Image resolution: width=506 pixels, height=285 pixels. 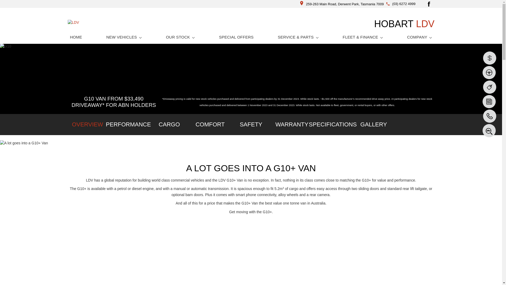 I want to click on 'CARGO', so click(x=169, y=124).